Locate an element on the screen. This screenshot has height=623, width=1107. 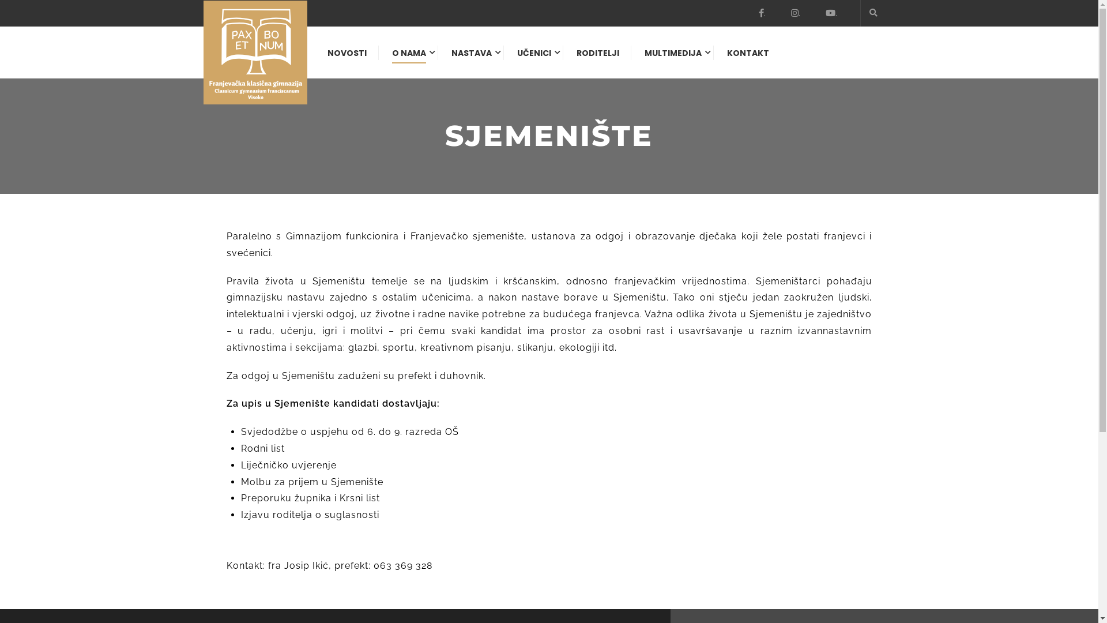
'O NAMA' is located at coordinates (381, 58).